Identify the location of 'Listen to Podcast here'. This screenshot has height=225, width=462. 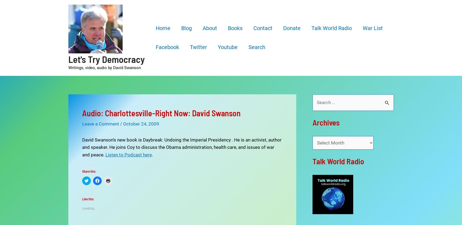
(128, 154).